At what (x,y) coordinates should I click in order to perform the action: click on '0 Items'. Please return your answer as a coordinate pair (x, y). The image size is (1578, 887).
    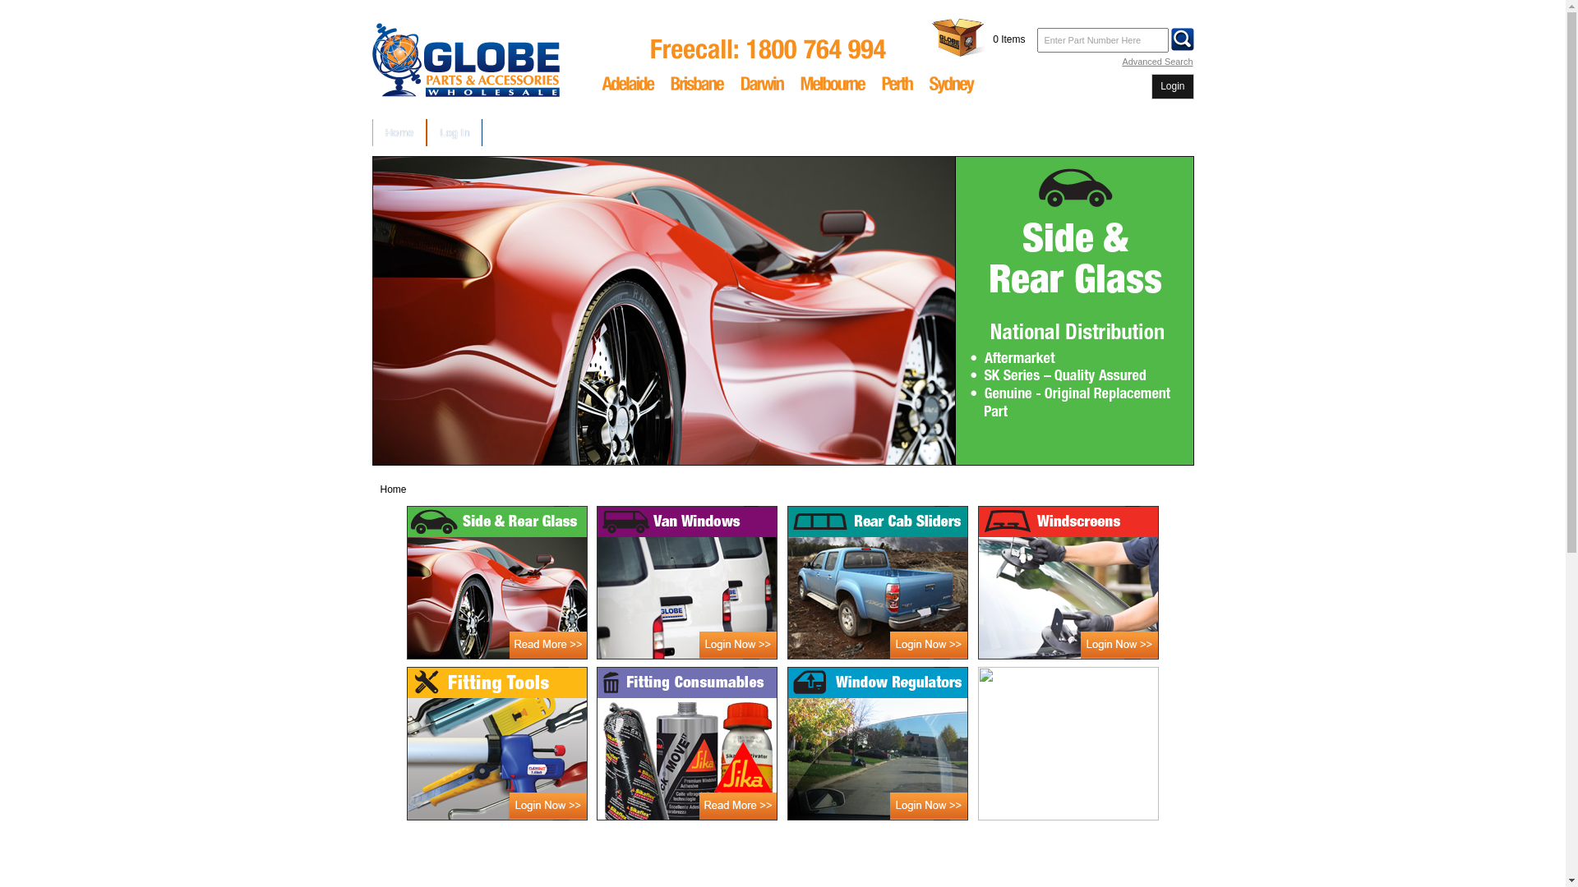
    Looking at the image, I should click on (1008, 38).